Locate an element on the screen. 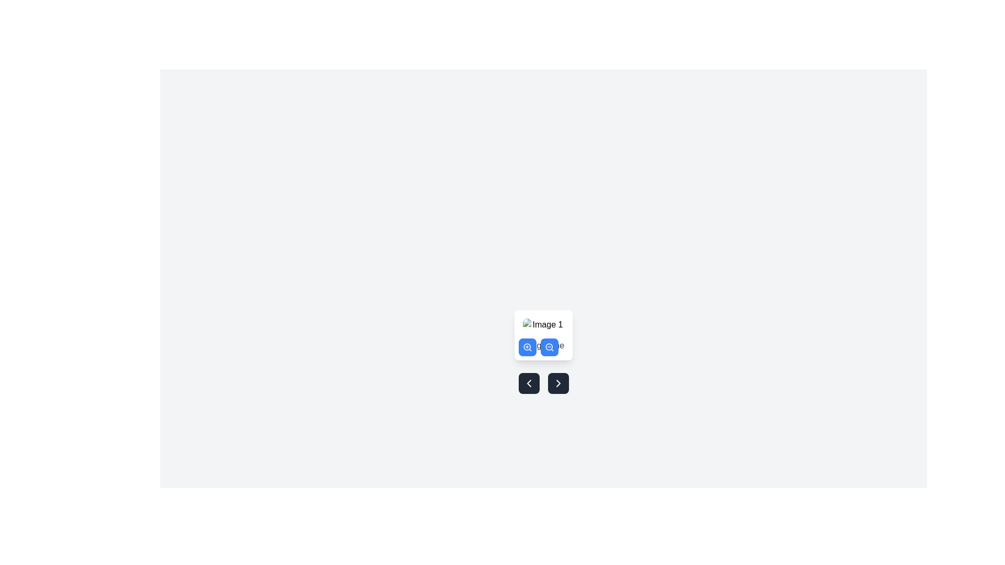 This screenshot has width=1005, height=565. the 'Zoom Out' icon, which is a magnifying glass with a minus sign inside a circular blue button, located near the bottom center of the interface is located at coordinates (549, 347).